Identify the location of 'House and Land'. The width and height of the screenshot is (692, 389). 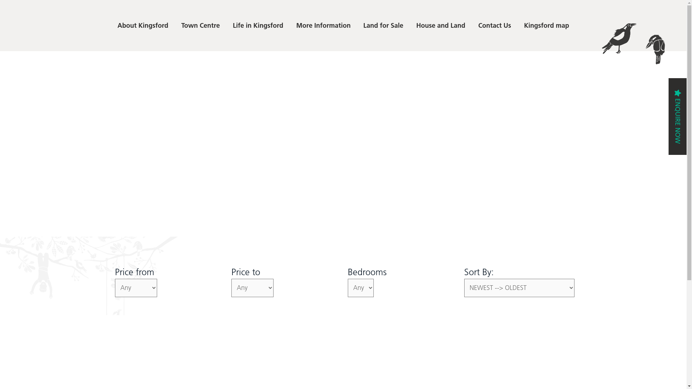
(440, 25).